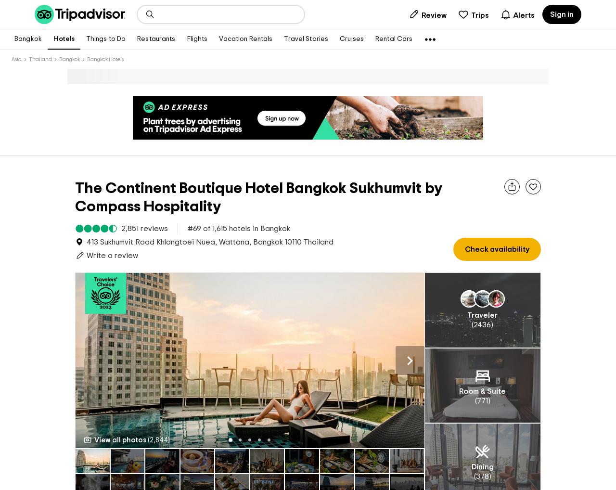  What do you see at coordinates (480, 14) in the screenshot?
I see `'Trips'` at bounding box center [480, 14].